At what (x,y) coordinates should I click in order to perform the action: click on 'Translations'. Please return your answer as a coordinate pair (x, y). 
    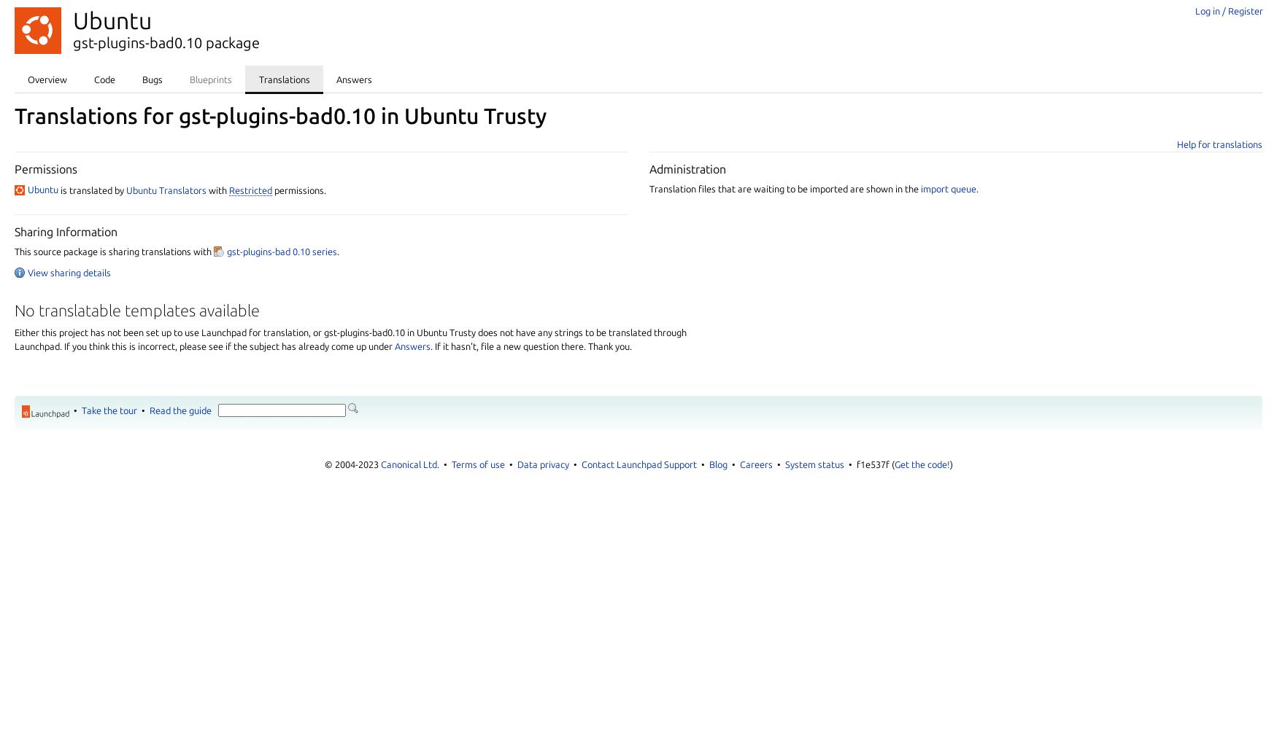
    Looking at the image, I should click on (283, 78).